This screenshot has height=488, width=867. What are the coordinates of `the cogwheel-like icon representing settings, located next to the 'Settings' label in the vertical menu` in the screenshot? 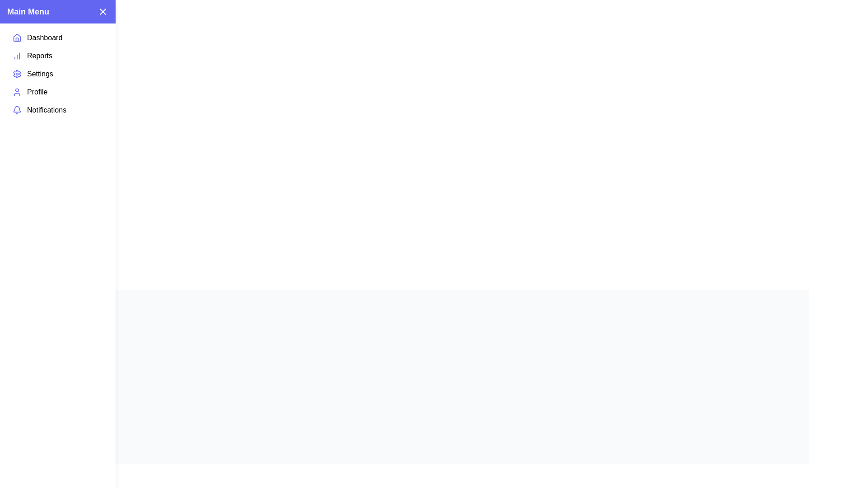 It's located at (17, 74).